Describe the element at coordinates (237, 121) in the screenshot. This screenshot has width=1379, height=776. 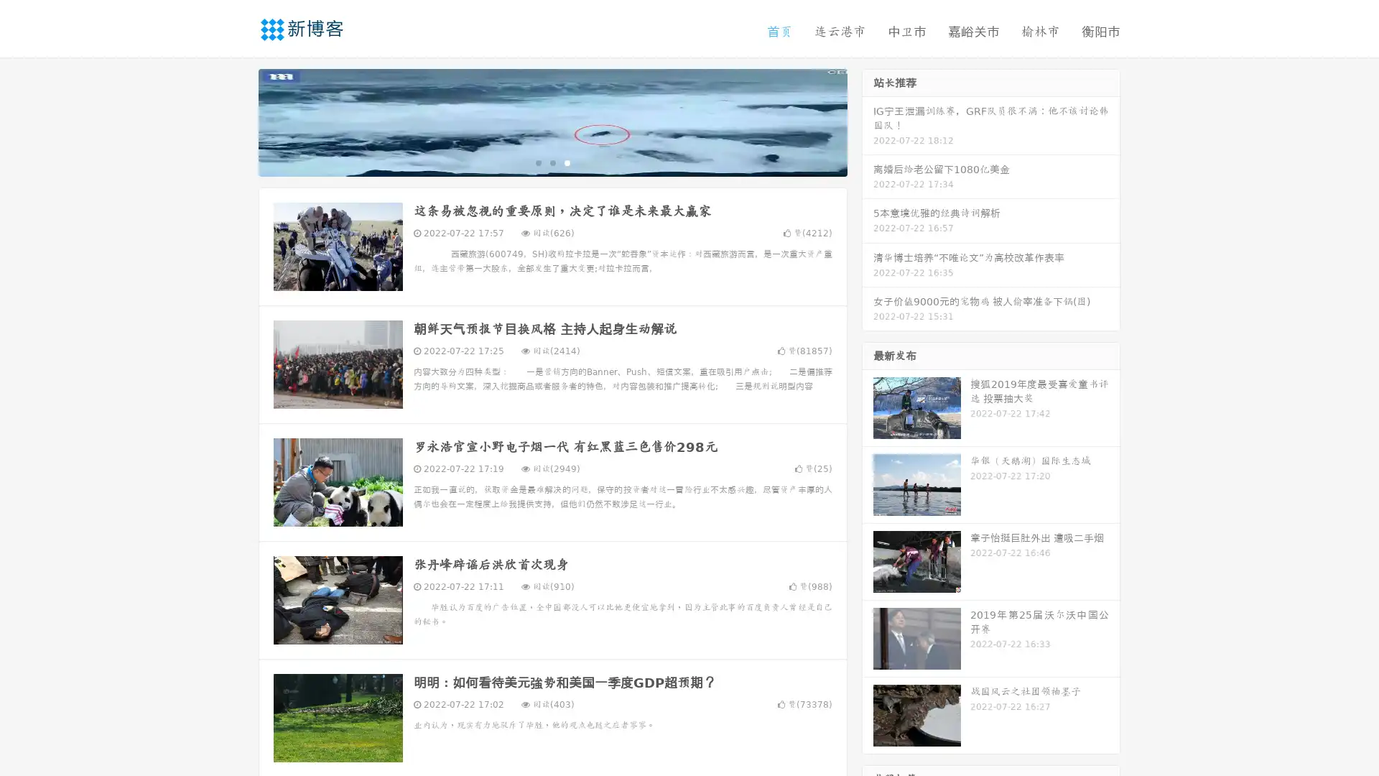
I see `Previous slide` at that location.